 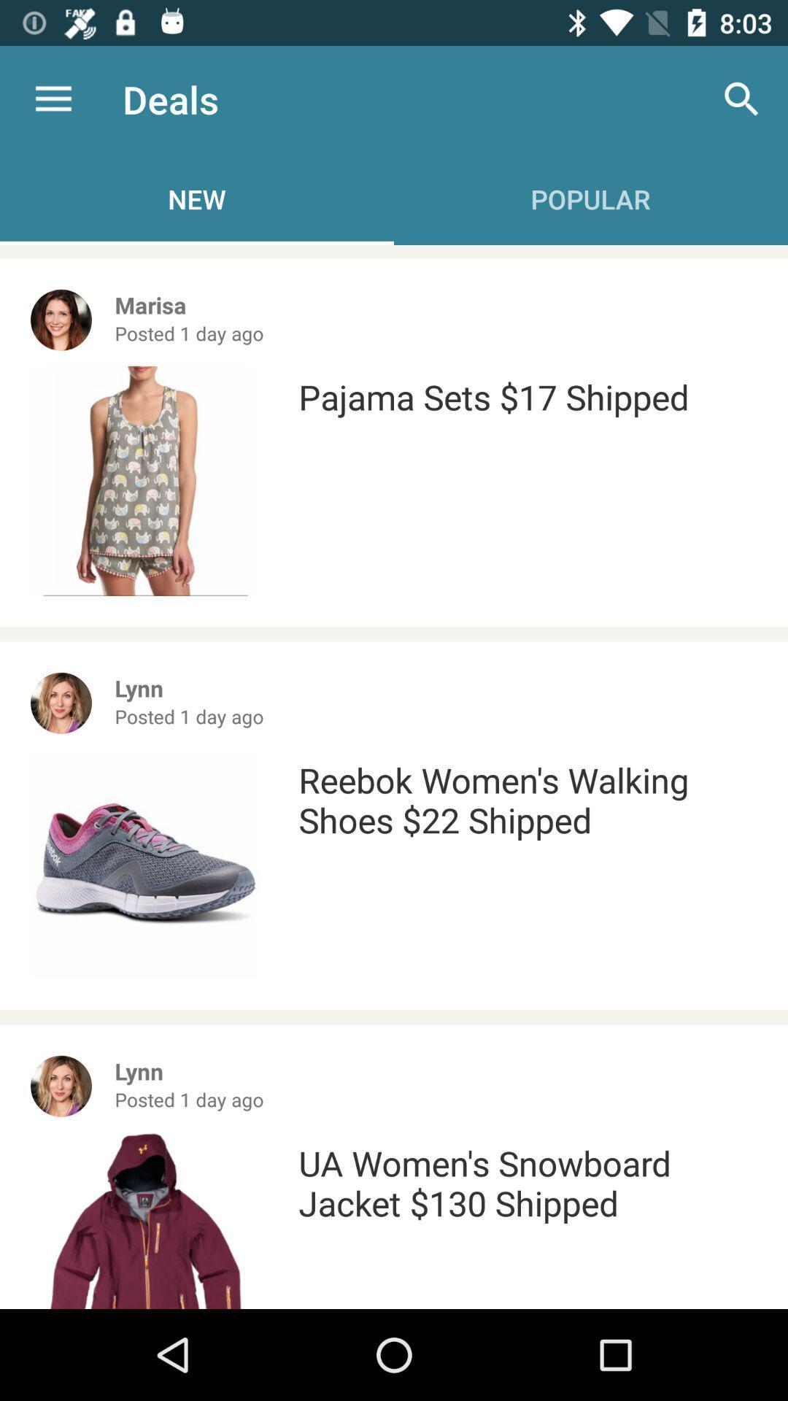 What do you see at coordinates (742, 99) in the screenshot?
I see `item above the pajama sets 17 icon` at bounding box center [742, 99].